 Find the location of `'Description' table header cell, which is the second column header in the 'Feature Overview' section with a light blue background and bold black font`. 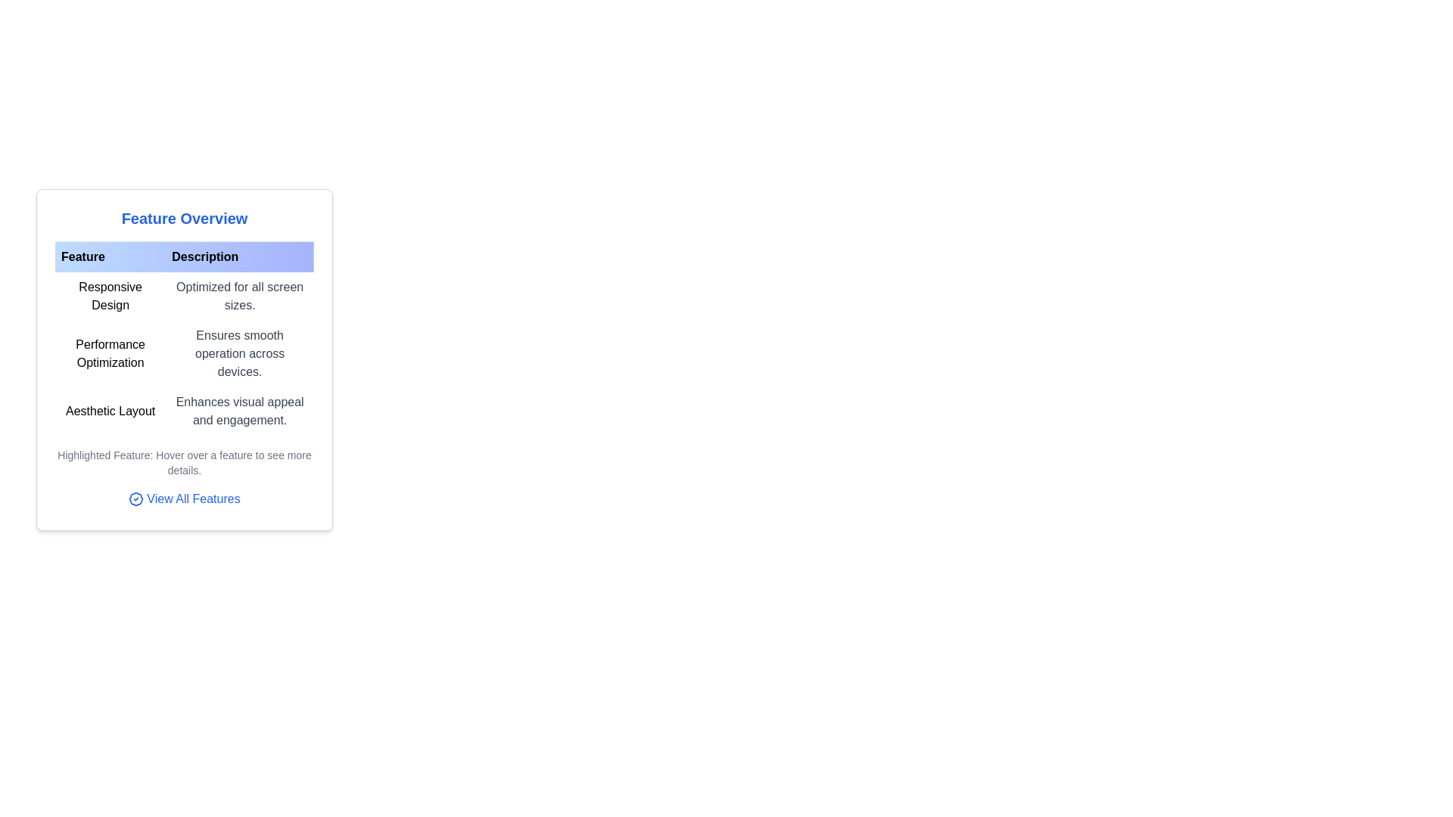

'Description' table header cell, which is the second column header in the 'Feature Overview' section with a light blue background and bold black font is located at coordinates (239, 256).